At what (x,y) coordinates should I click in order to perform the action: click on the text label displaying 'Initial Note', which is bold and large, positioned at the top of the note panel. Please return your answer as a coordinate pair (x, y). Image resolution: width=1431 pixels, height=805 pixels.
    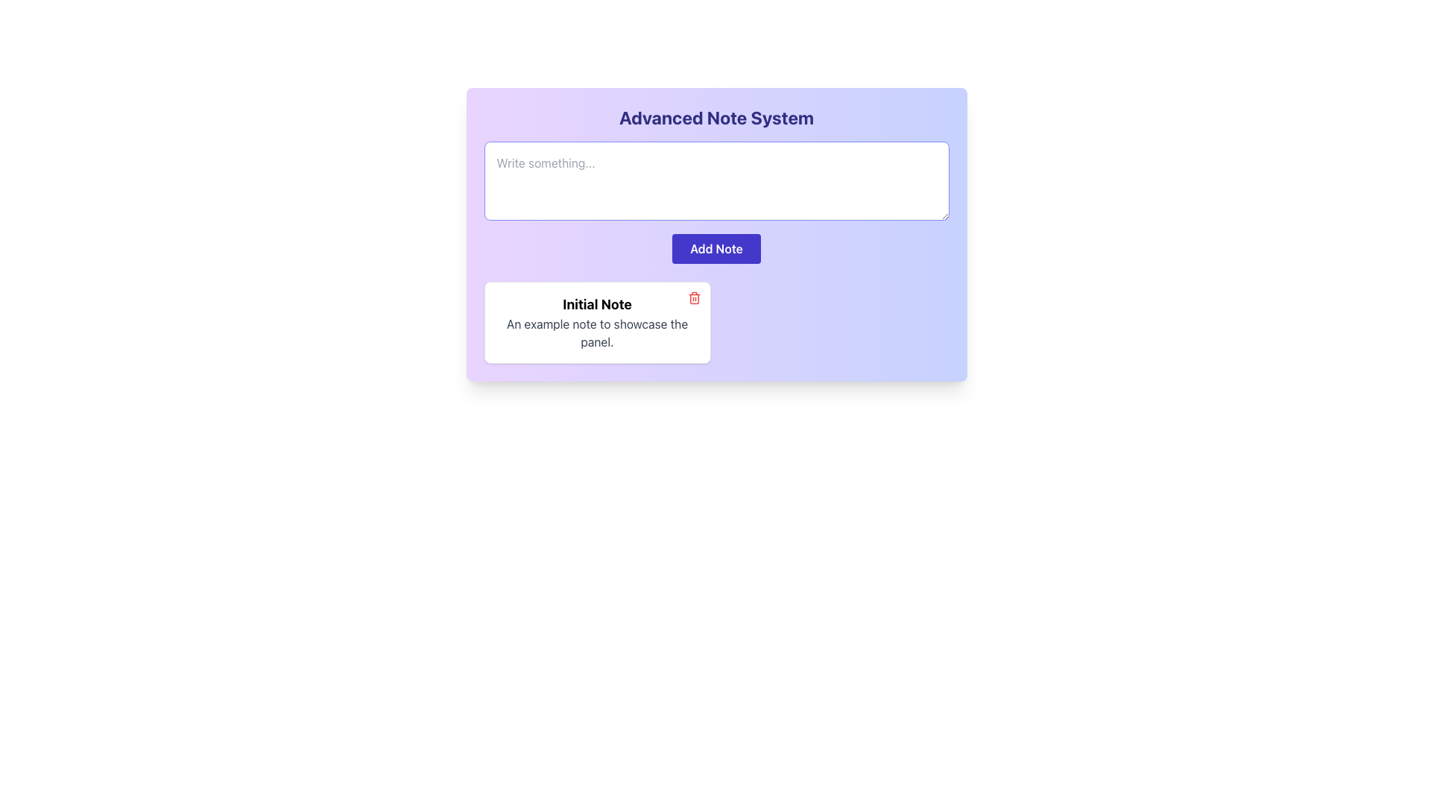
    Looking at the image, I should click on (597, 303).